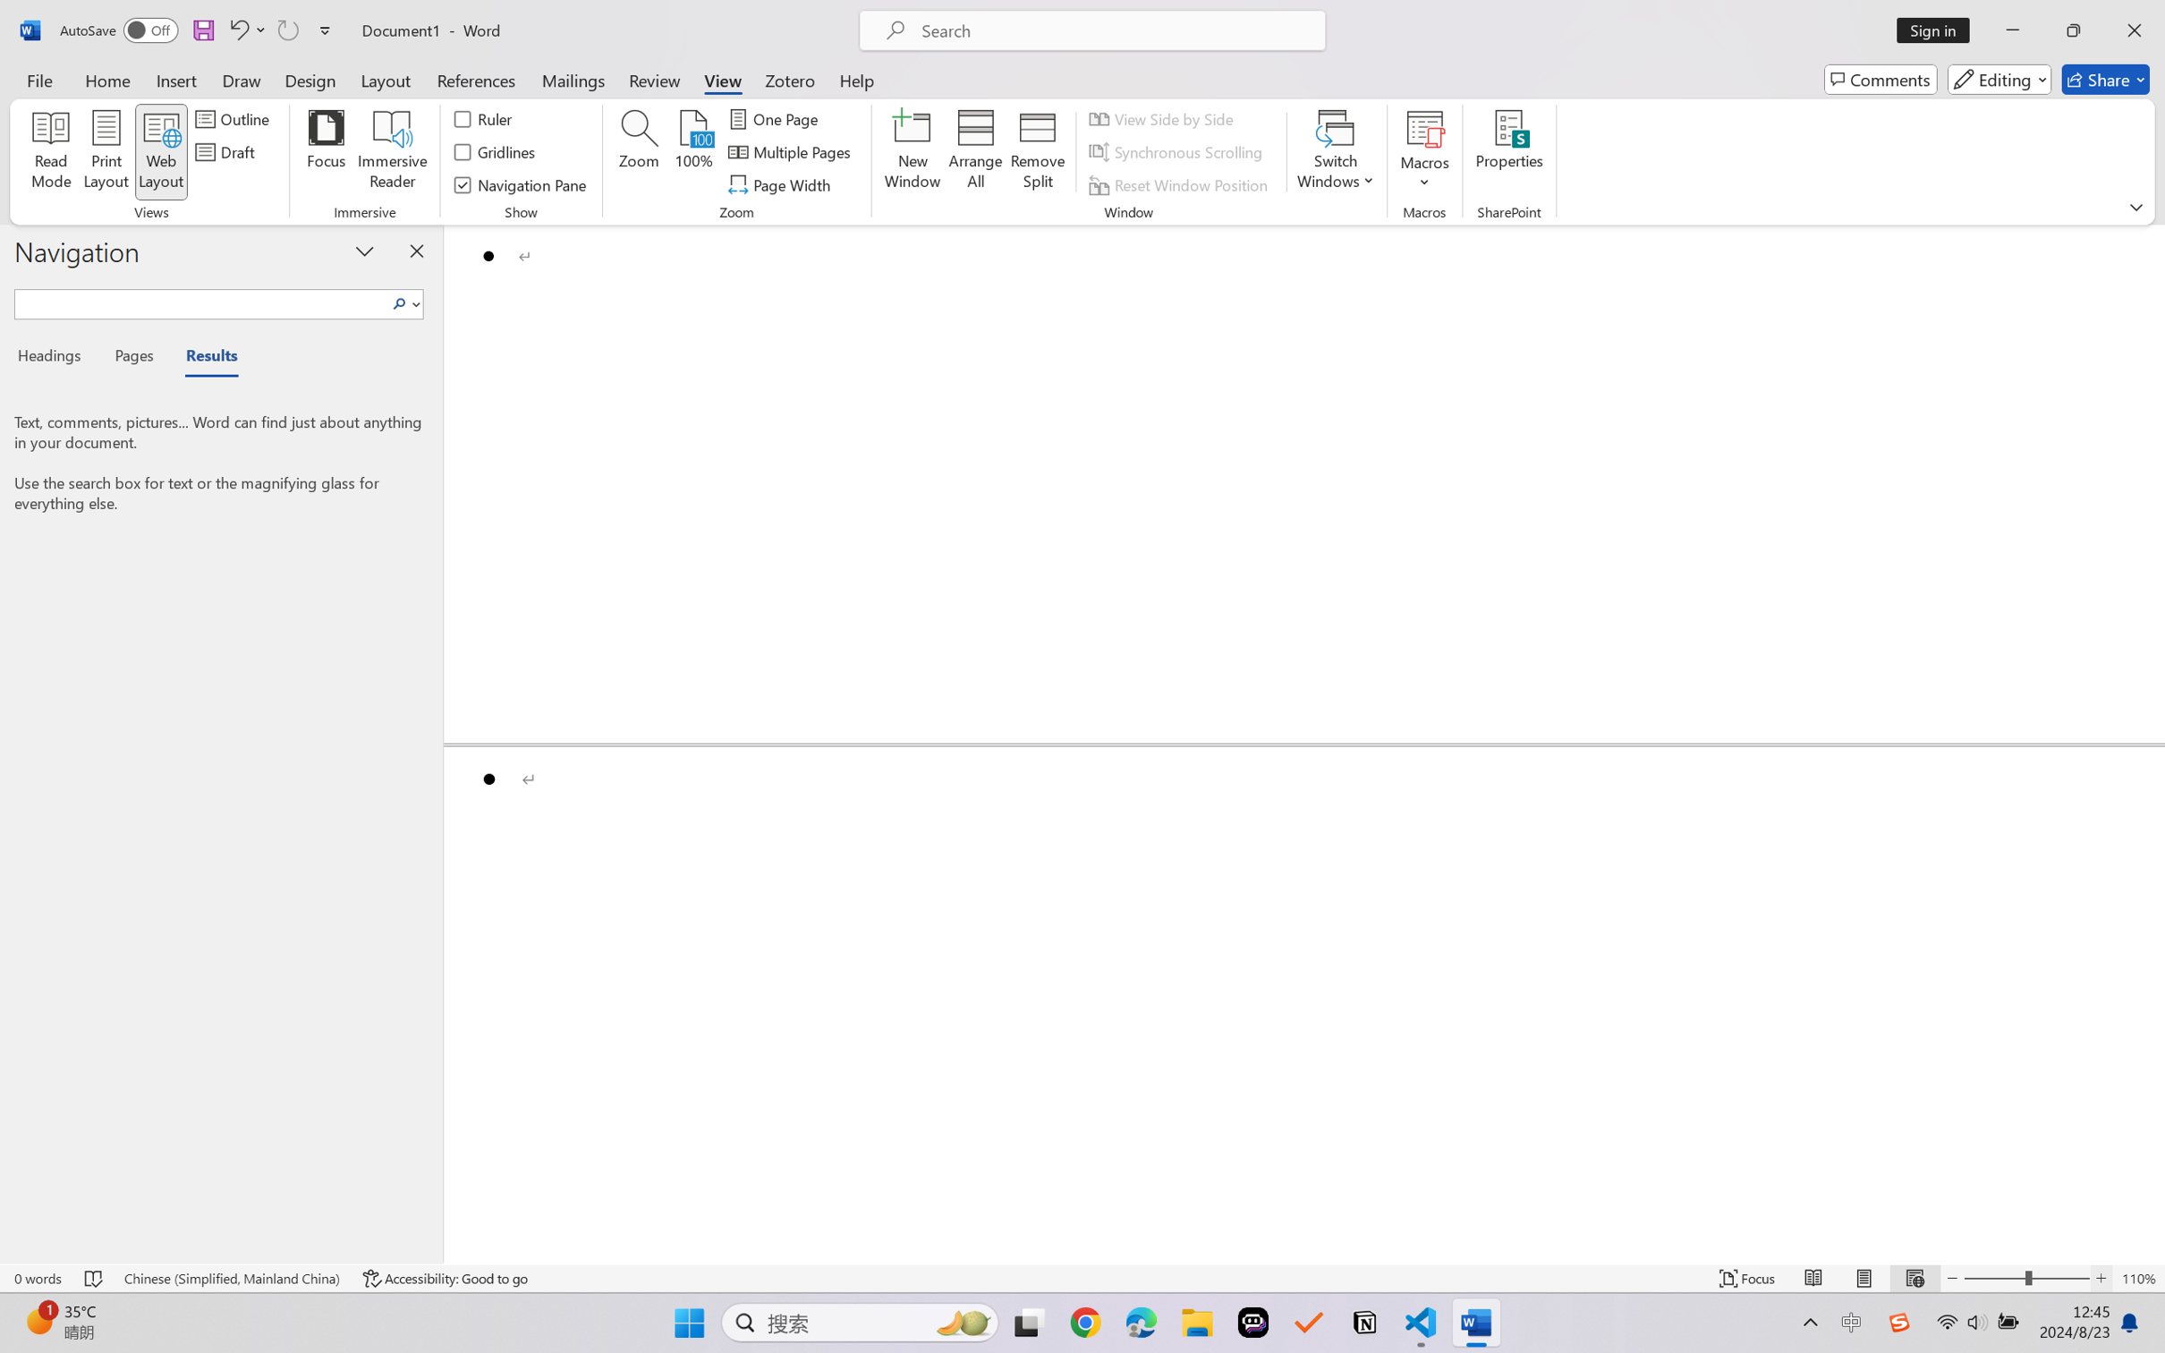 This screenshot has width=2165, height=1353. Describe the element at coordinates (245, 30) in the screenshot. I see `'Undo Bullet Default'` at that location.